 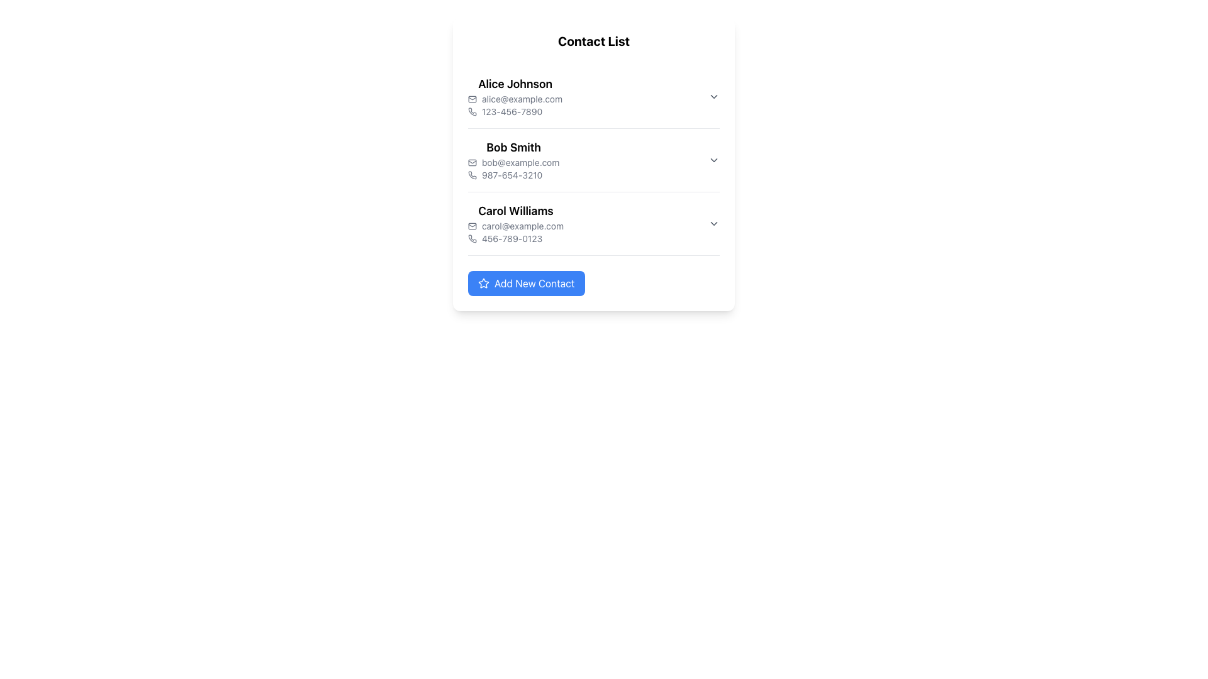 I want to click on on the name 'Alice Johnson' in the contact information section, so click(x=515, y=96).